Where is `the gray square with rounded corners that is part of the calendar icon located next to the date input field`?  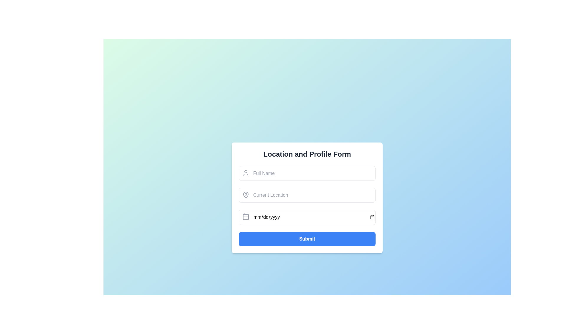 the gray square with rounded corners that is part of the calendar icon located next to the date input field is located at coordinates (246, 217).